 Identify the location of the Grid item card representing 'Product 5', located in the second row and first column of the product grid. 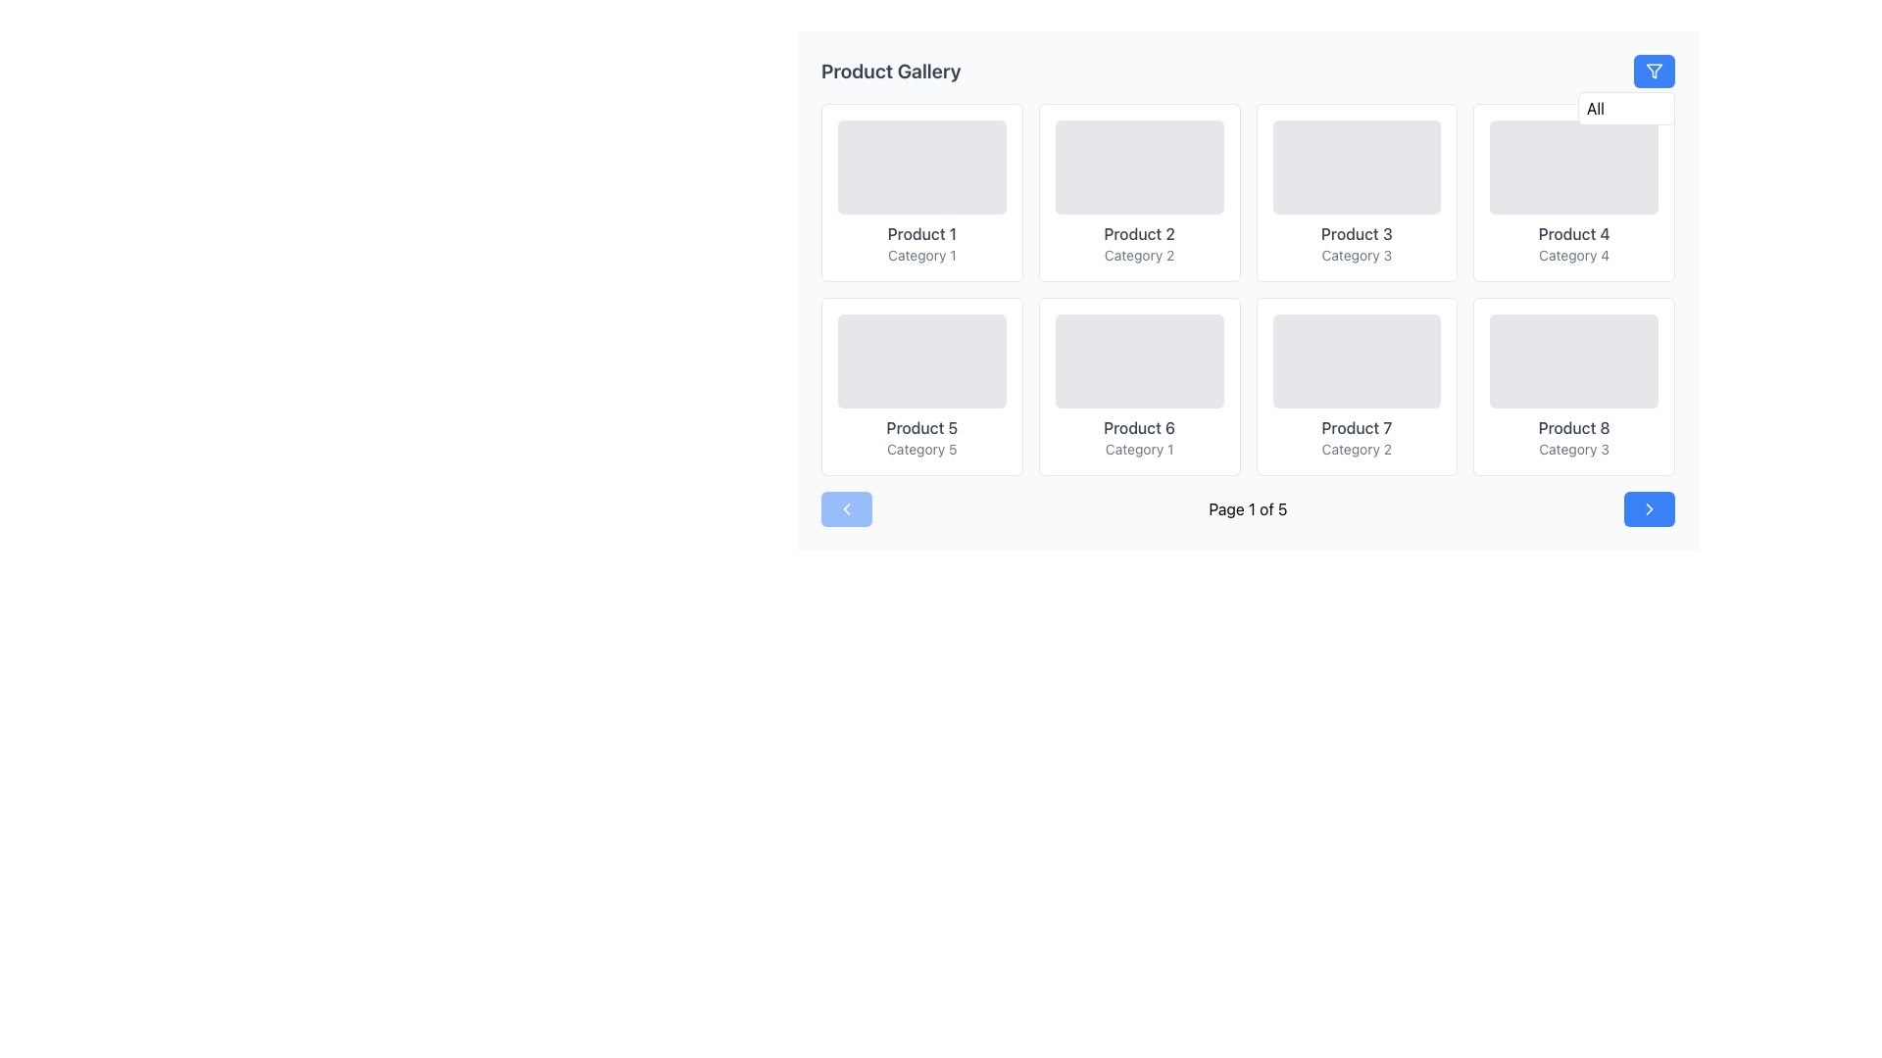
(920, 386).